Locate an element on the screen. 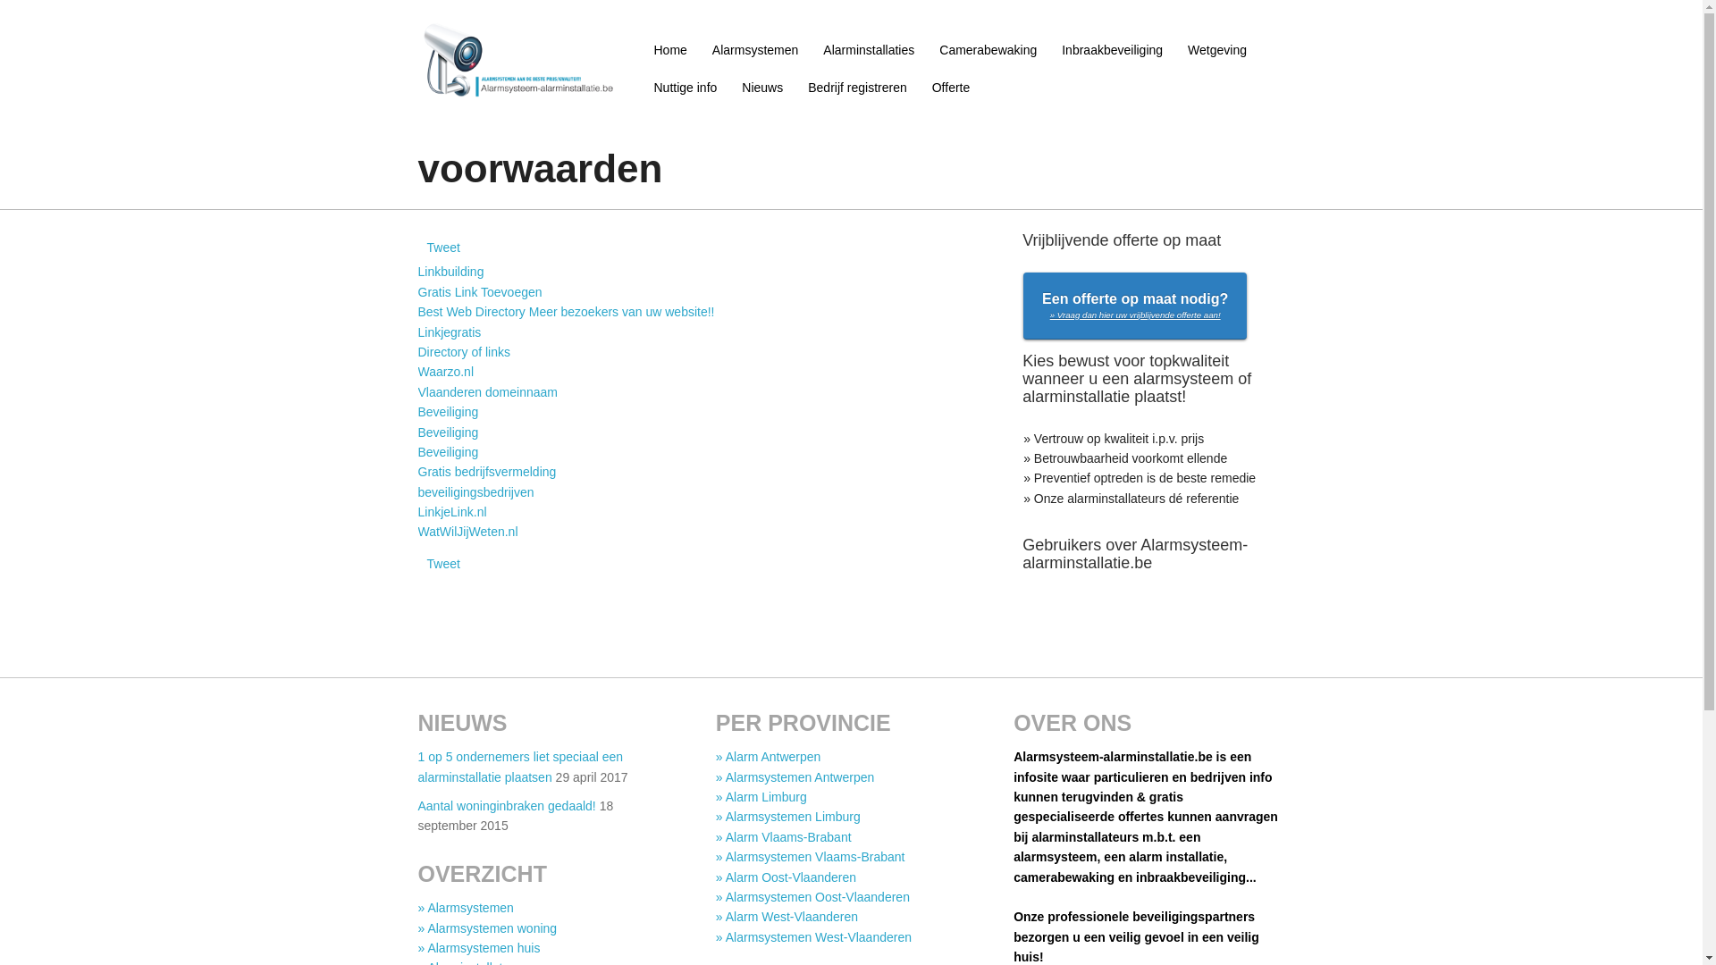 Image resolution: width=1716 pixels, height=965 pixels. 'Gratis bedrijfsvermelding' is located at coordinates (487, 471).